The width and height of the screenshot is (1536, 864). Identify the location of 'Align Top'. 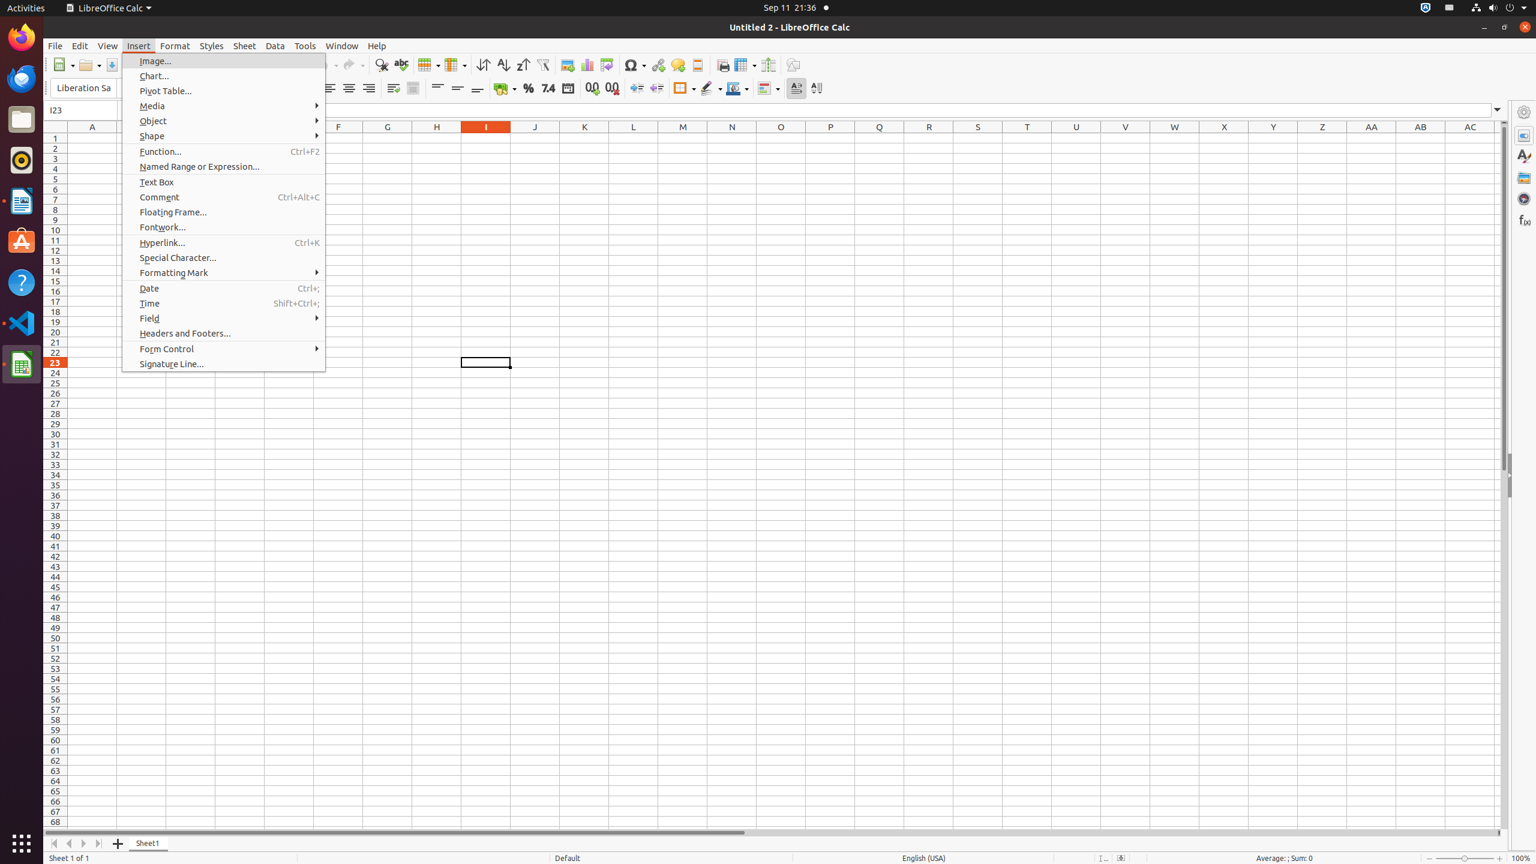
(437, 88).